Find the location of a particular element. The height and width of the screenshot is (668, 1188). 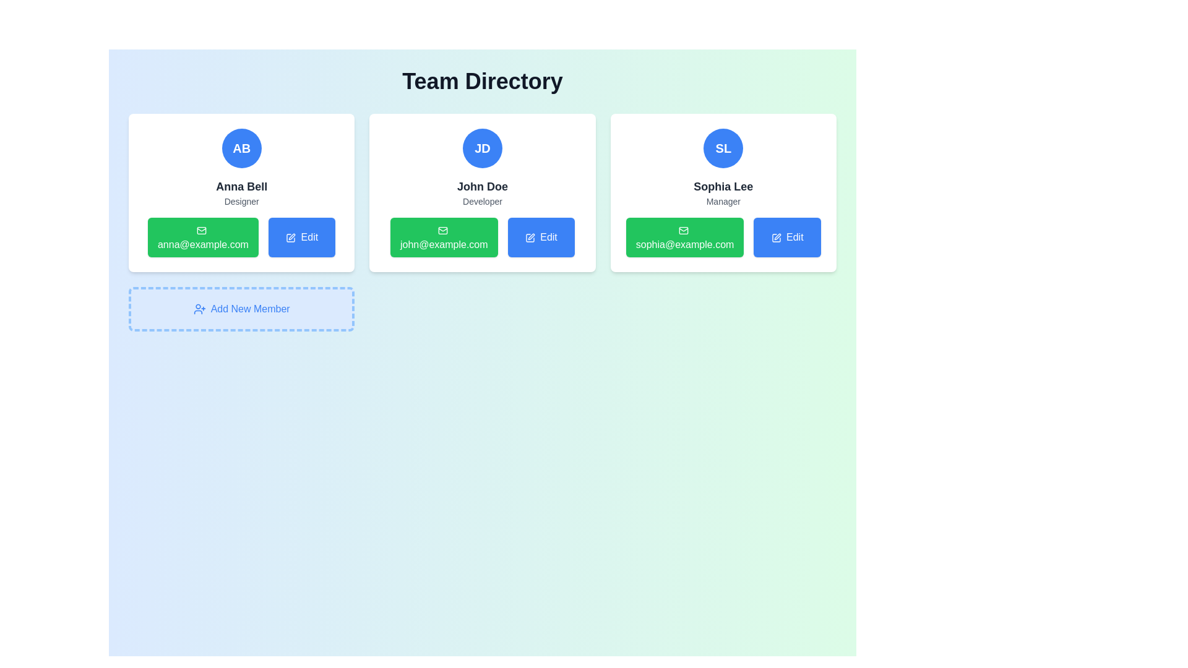

the mail envelope icon within the green rectangular button labeled 'sophia@example.com' on Sophia Lee's profile card is located at coordinates (683, 230).